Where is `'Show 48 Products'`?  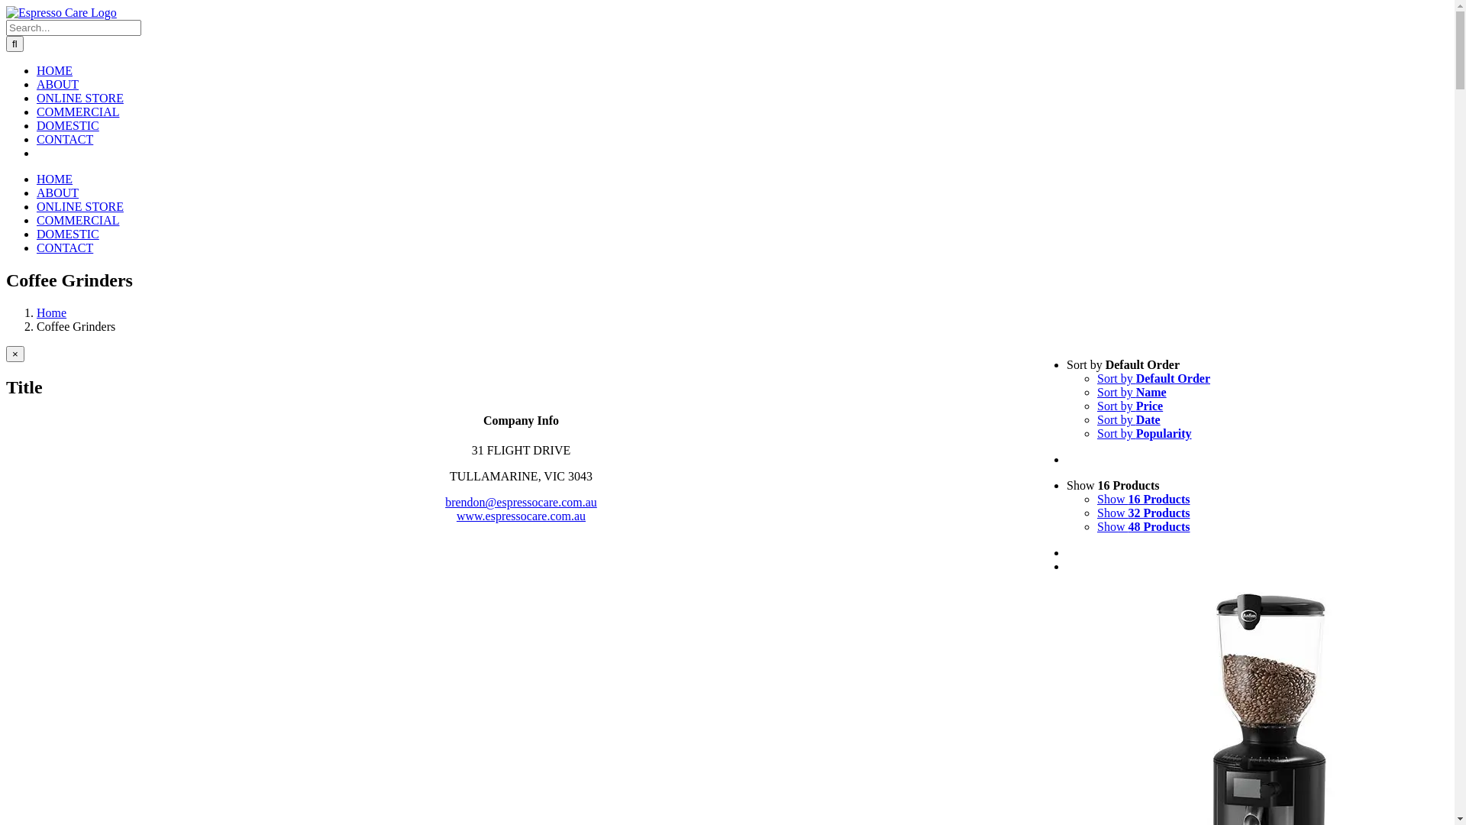 'Show 48 Products' is located at coordinates (1143, 526).